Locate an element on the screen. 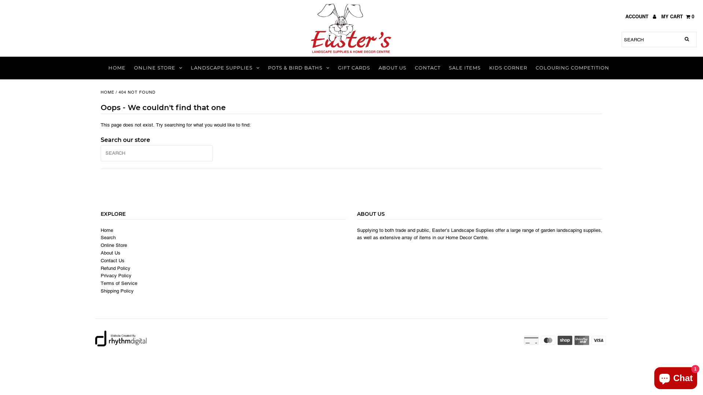 This screenshot has height=395, width=703. 'ACCOUNT' is located at coordinates (640, 16).